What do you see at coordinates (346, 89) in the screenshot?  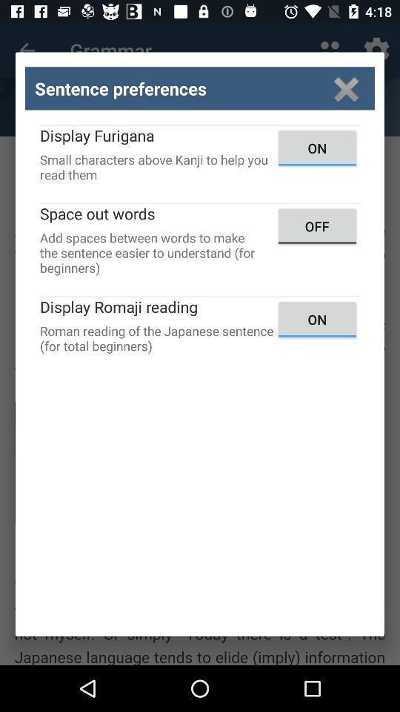 I see `close` at bounding box center [346, 89].